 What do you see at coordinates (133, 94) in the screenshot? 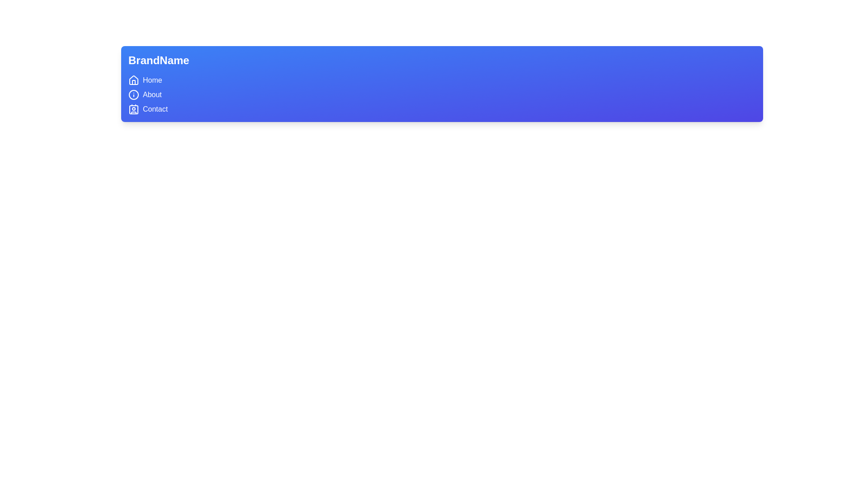
I see `filled circular icon located centrally within the information symbol, which is the second icon in the vertical menu bar` at bounding box center [133, 94].